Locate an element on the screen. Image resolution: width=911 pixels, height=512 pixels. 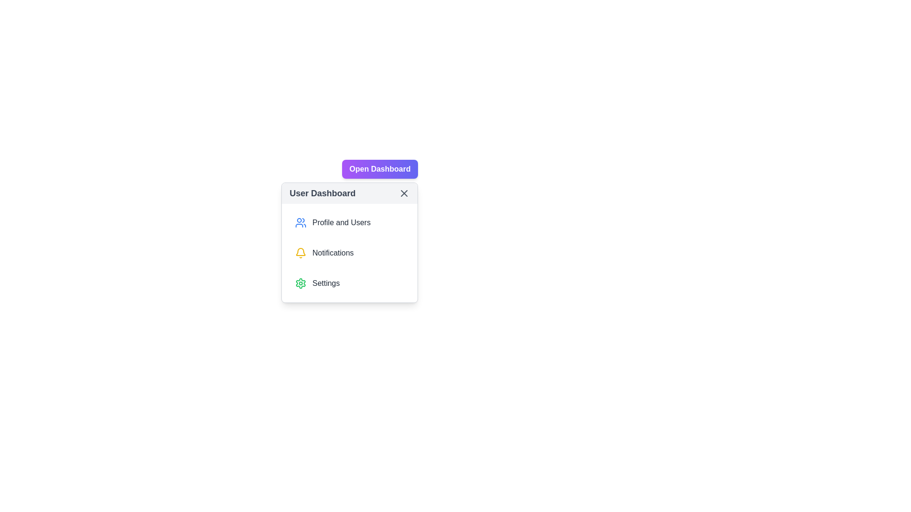
the green gear icon representing 'Settings' in the drop-down menu of the User Dashboard is located at coordinates (300, 283).